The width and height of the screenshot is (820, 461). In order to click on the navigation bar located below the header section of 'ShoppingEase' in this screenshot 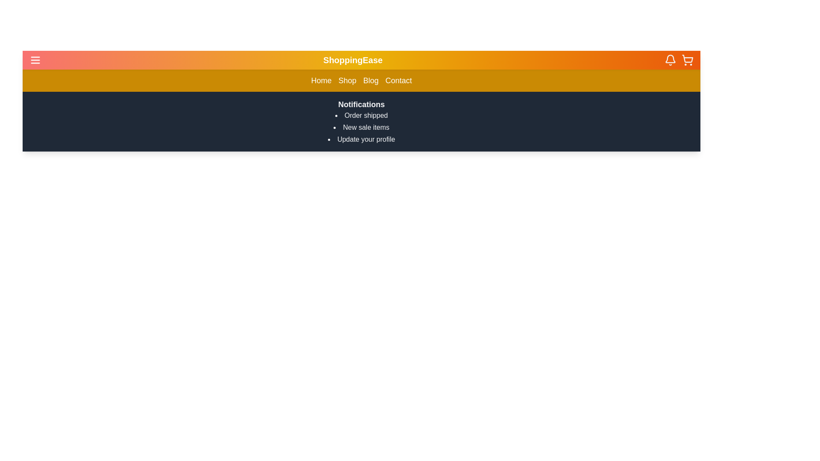, I will do `click(361, 81)`.